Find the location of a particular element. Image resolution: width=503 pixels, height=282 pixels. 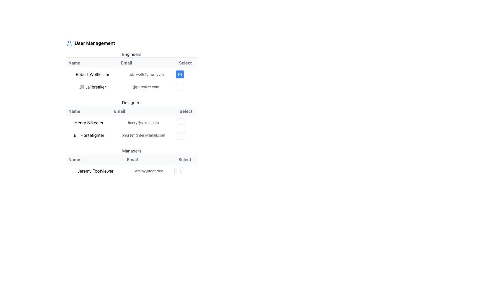

the checkbox corresponding to 'Henry Silkeater' in the 'Select' column of the 'Designers' table is located at coordinates (181, 123).